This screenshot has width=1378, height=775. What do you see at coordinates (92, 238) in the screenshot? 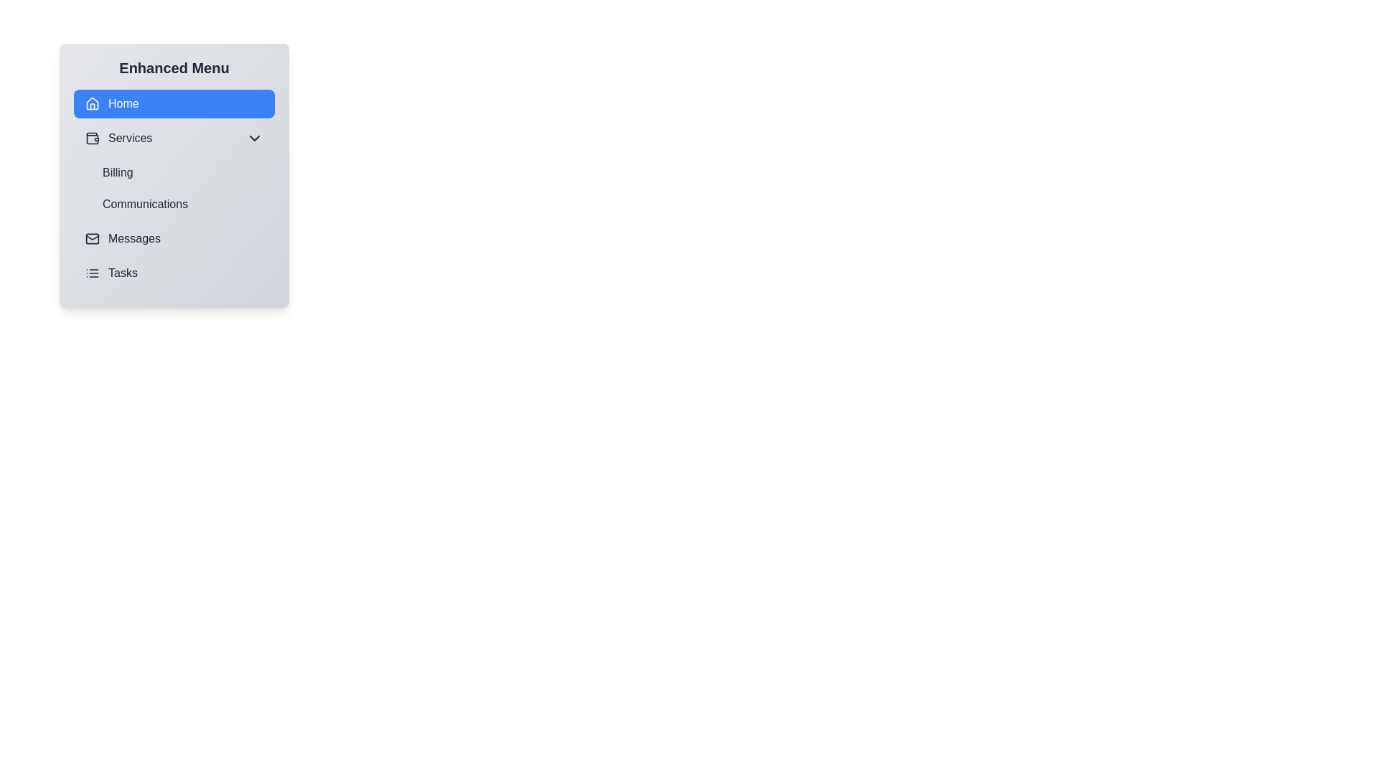
I see `the graphical rectangle component that represents the main body of the envelope icon in the 'Messages' menu entry` at bounding box center [92, 238].